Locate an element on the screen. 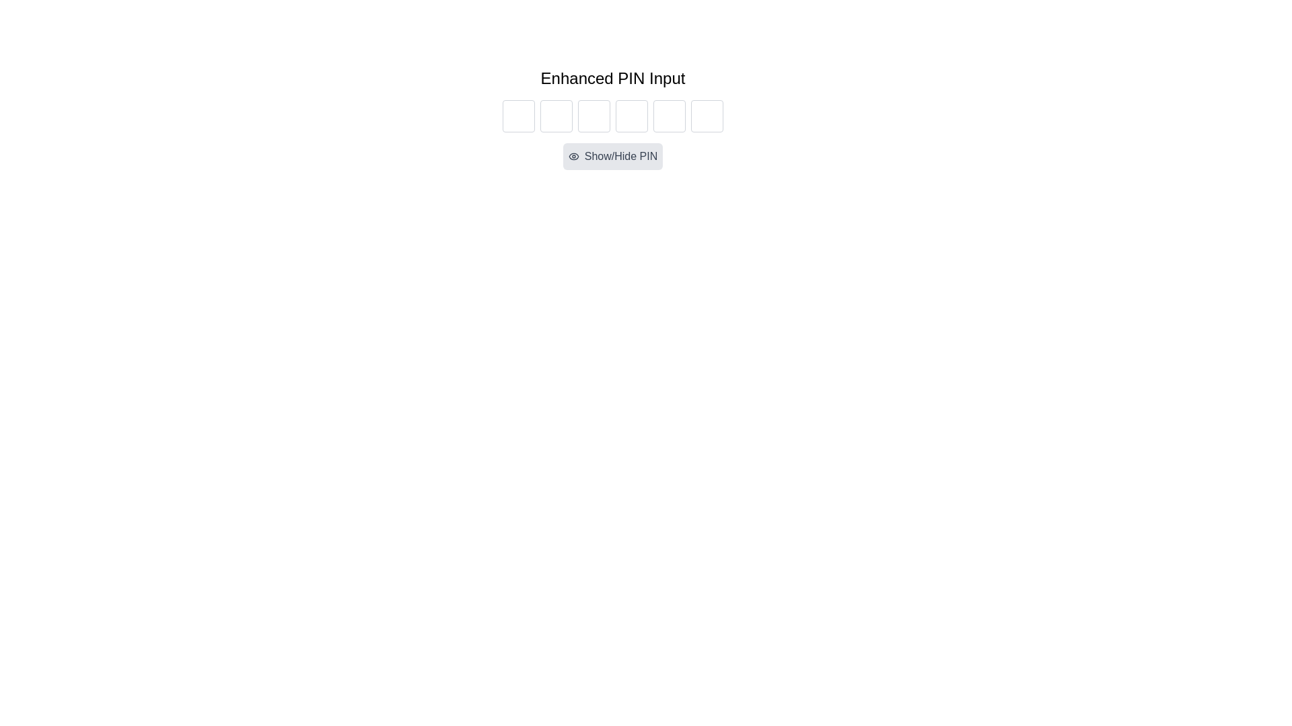 Image resolution: width=1292 pixels, height=726 pixels. the Text Label that serves as a title for the enhanced PIN input feature, located above the PIN input boxes and the 'Show/Hide PIN' button is located at coordinates (612, 78).